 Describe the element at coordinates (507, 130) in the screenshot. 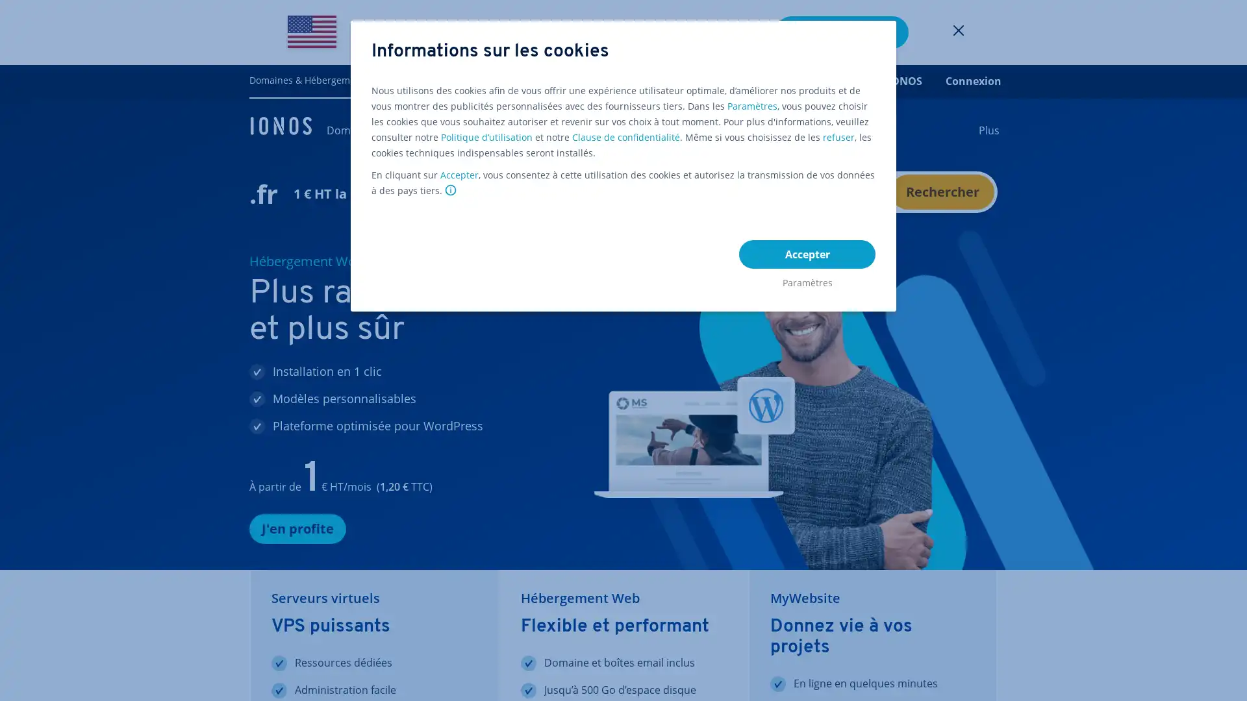

I see `e-Commerce` at that location.